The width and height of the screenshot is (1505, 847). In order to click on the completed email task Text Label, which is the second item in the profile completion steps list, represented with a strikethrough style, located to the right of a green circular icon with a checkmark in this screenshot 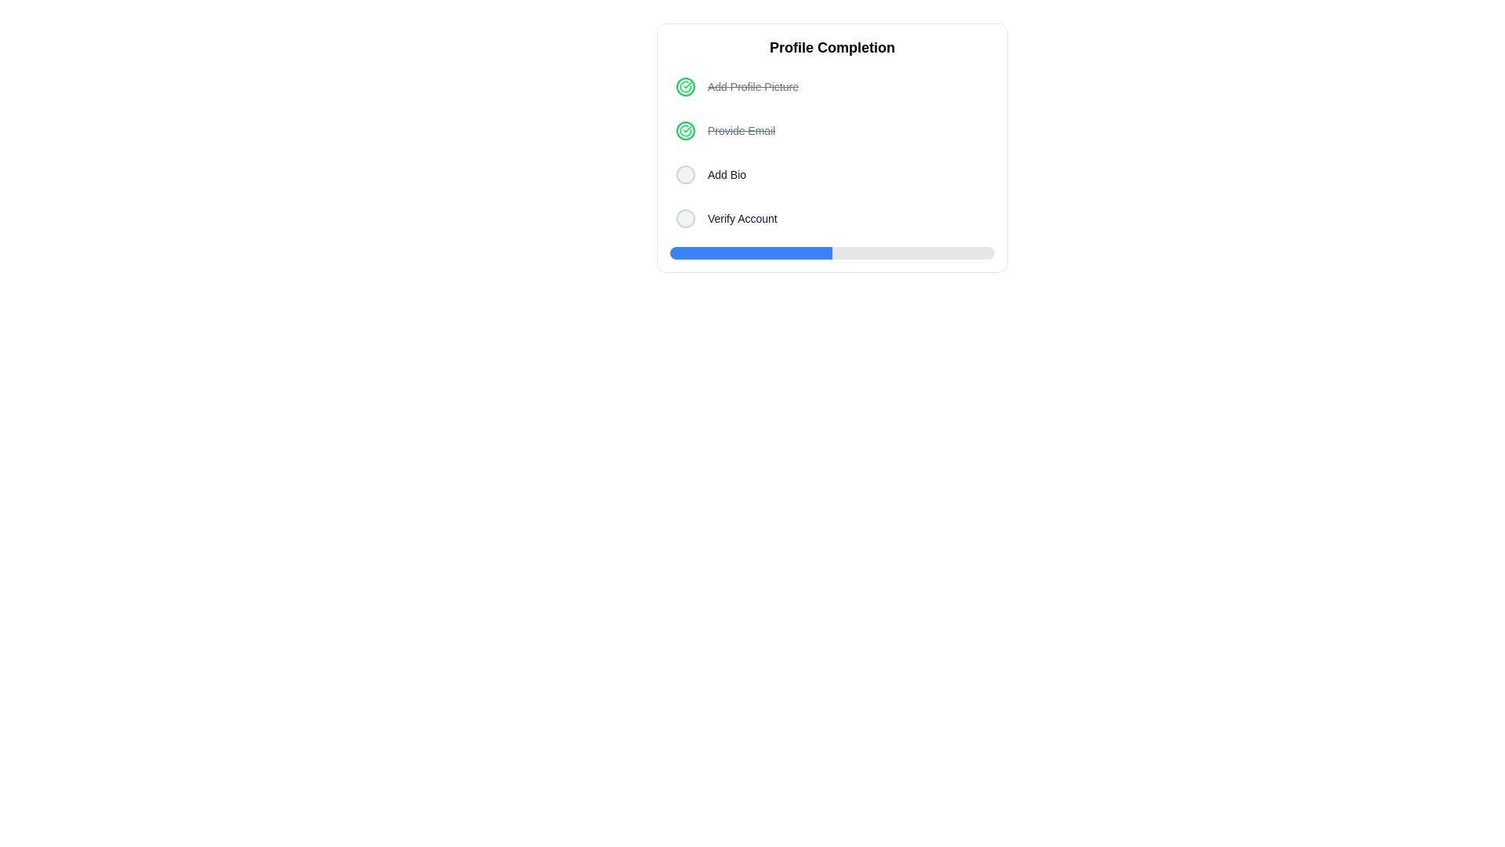, I will do `click(741, 129)`.